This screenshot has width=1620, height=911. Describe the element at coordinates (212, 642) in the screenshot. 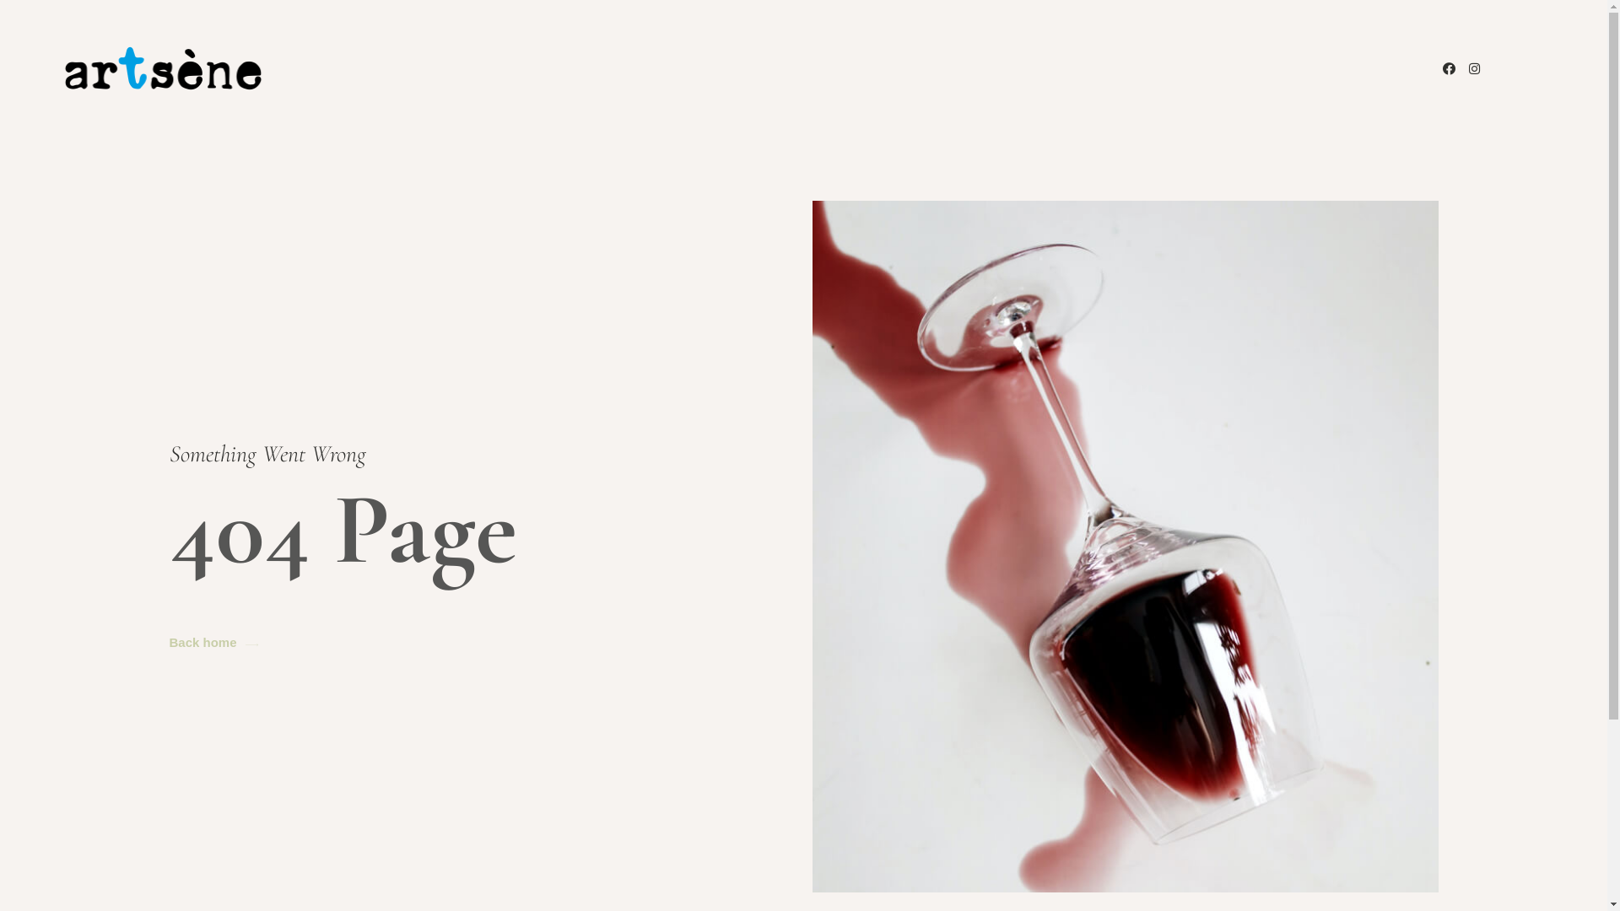

I see `'Back home'` at that location.